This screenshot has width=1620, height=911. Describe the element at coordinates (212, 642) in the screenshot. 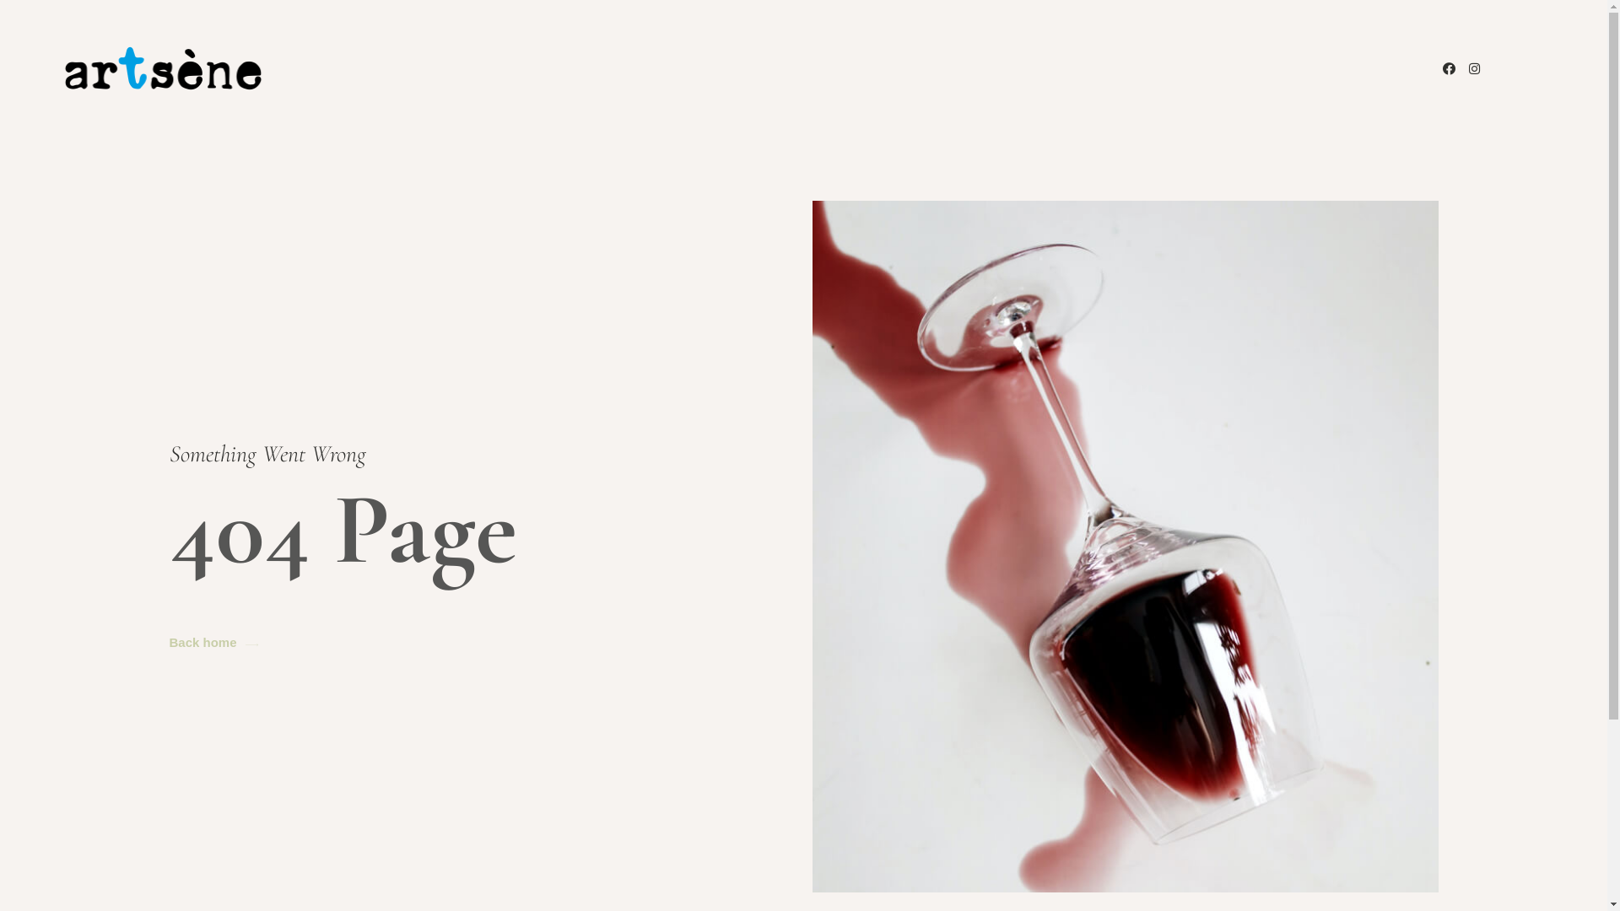

I see `'Back home'` at that location.